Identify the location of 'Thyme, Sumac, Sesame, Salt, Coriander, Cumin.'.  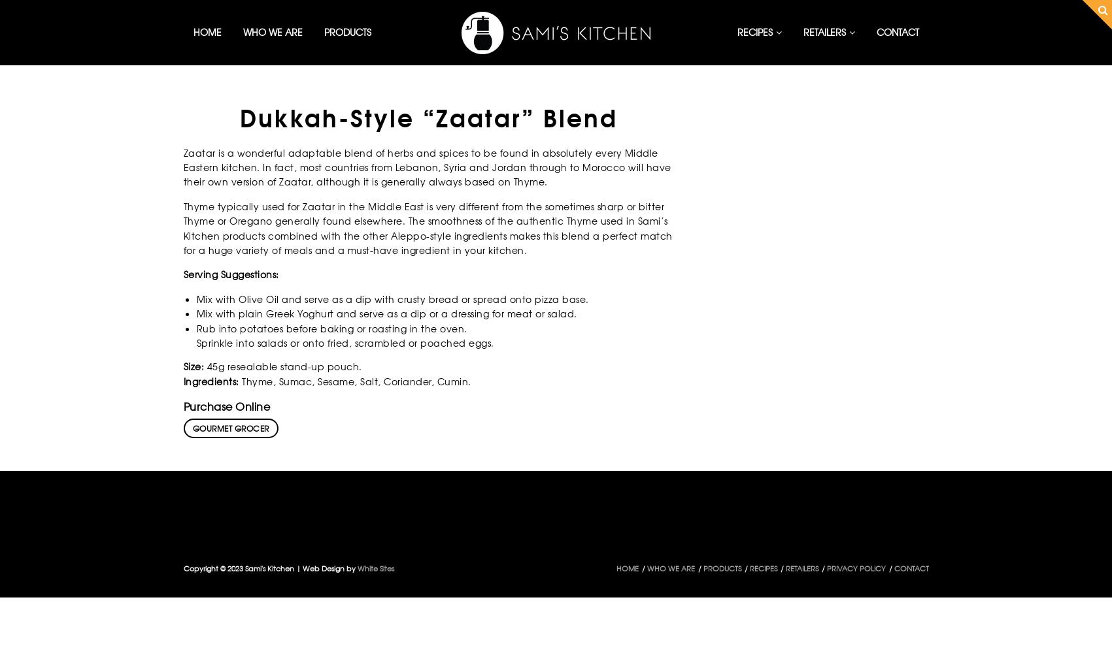
(354, 380).